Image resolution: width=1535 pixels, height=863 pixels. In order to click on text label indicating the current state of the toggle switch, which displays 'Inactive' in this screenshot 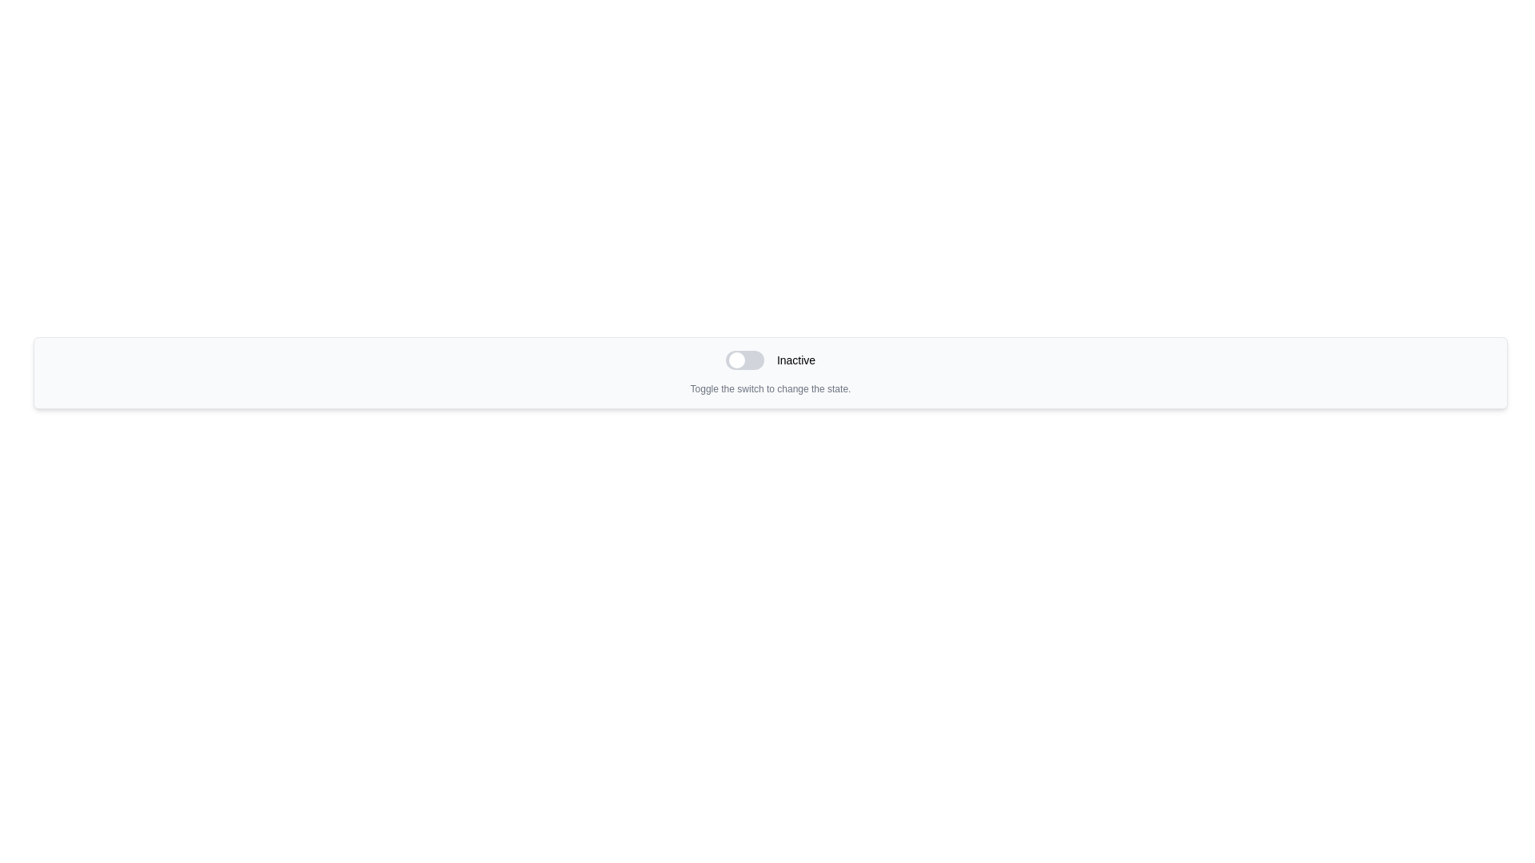, I will do `click(771, 360)`.